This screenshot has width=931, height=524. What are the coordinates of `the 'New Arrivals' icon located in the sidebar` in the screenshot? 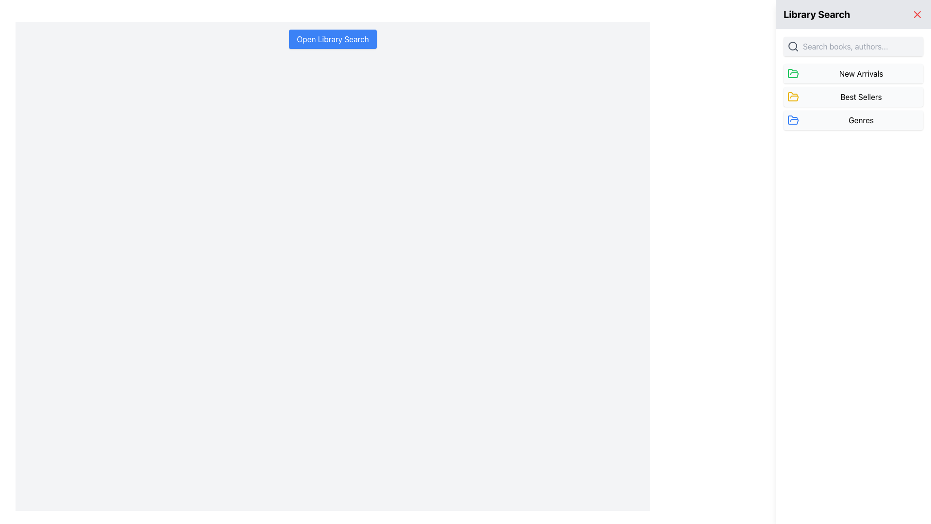 It's located at (793, 73).